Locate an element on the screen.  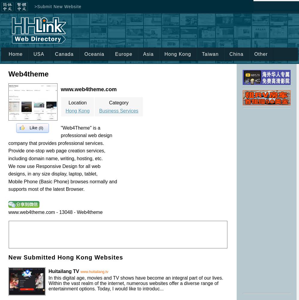
'Like' is located at coordinates (33, 128).